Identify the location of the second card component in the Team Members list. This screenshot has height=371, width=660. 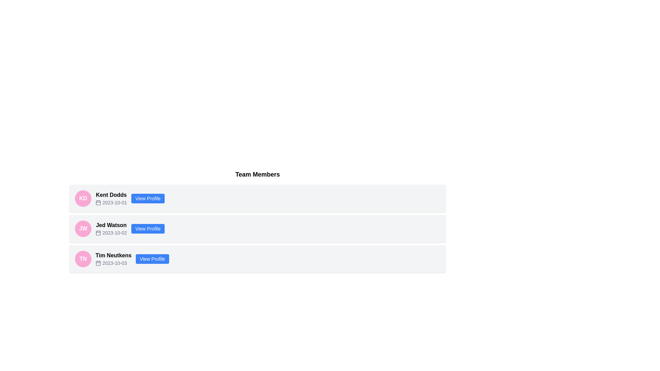
(257, 229).